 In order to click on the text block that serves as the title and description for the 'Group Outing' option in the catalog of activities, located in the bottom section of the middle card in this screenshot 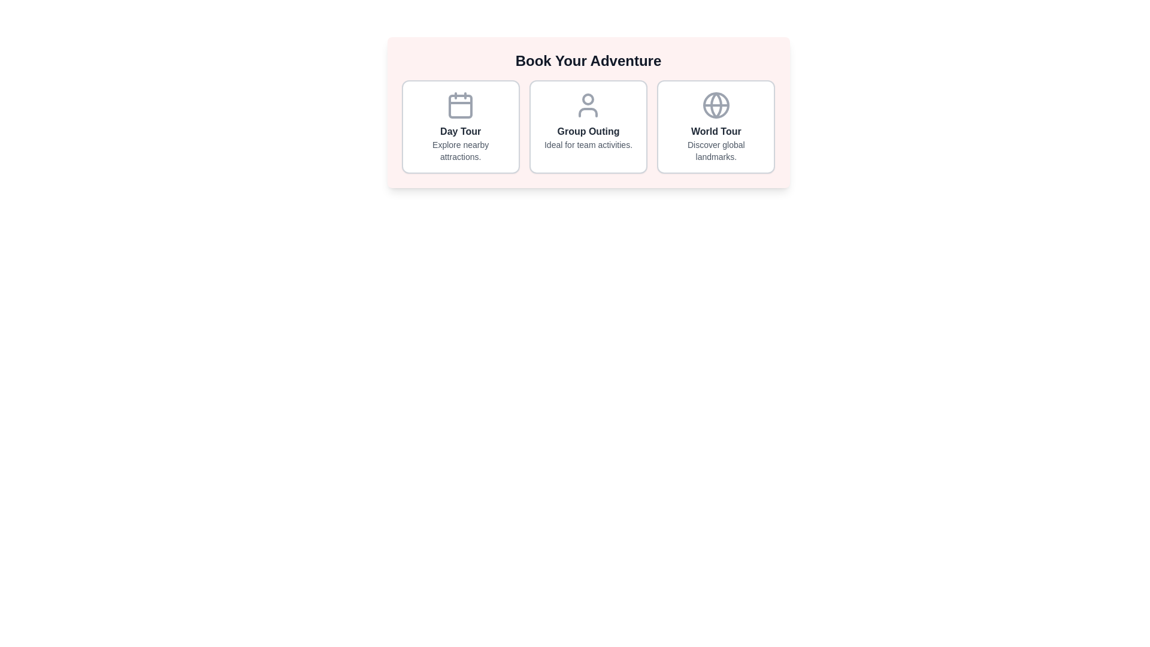, I will do `click(588, 137)`.